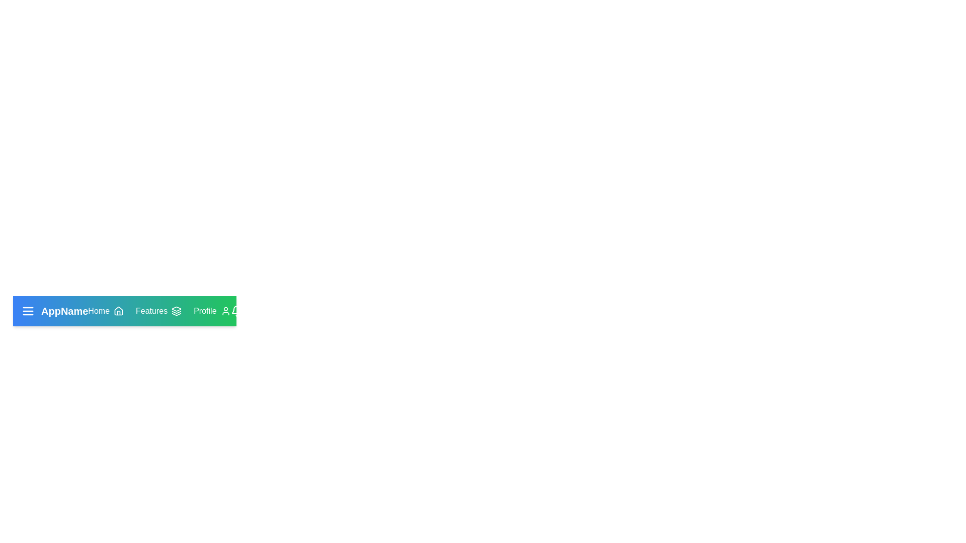 This screenshot has height=543, width=966. Describe the element at coordinates (106, 310) in the screenshot. I see `the 'Home' button in the AppBarComponent` at that location.